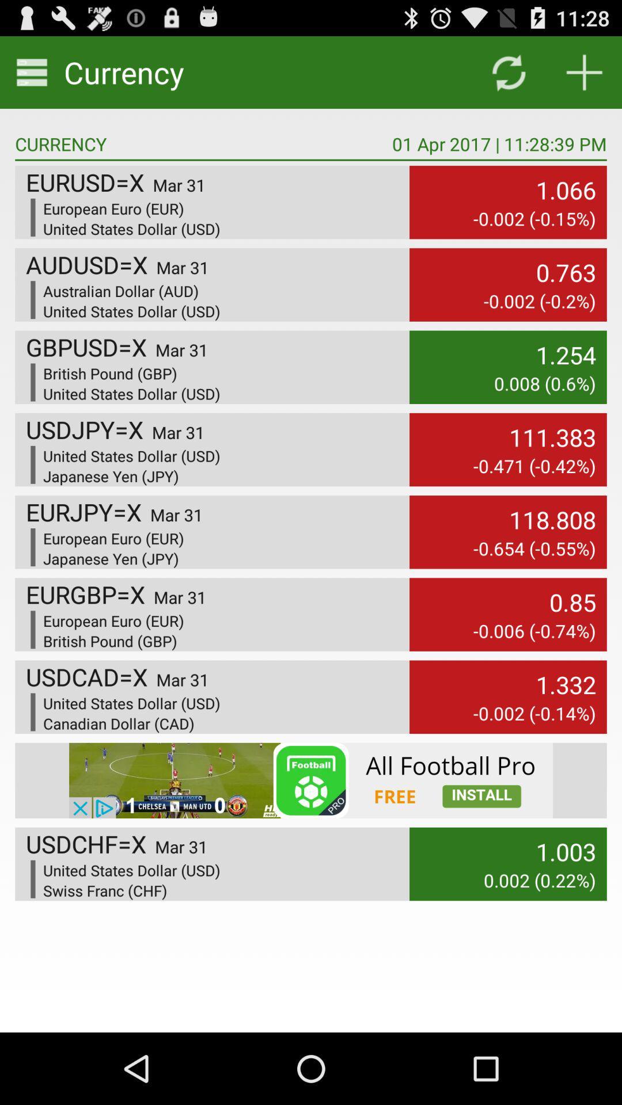 The image size is (622, 1105). What do you see at coordinates (311, 780) in the screenshot?
I see `advertisement` at bounding box center [311, 780].